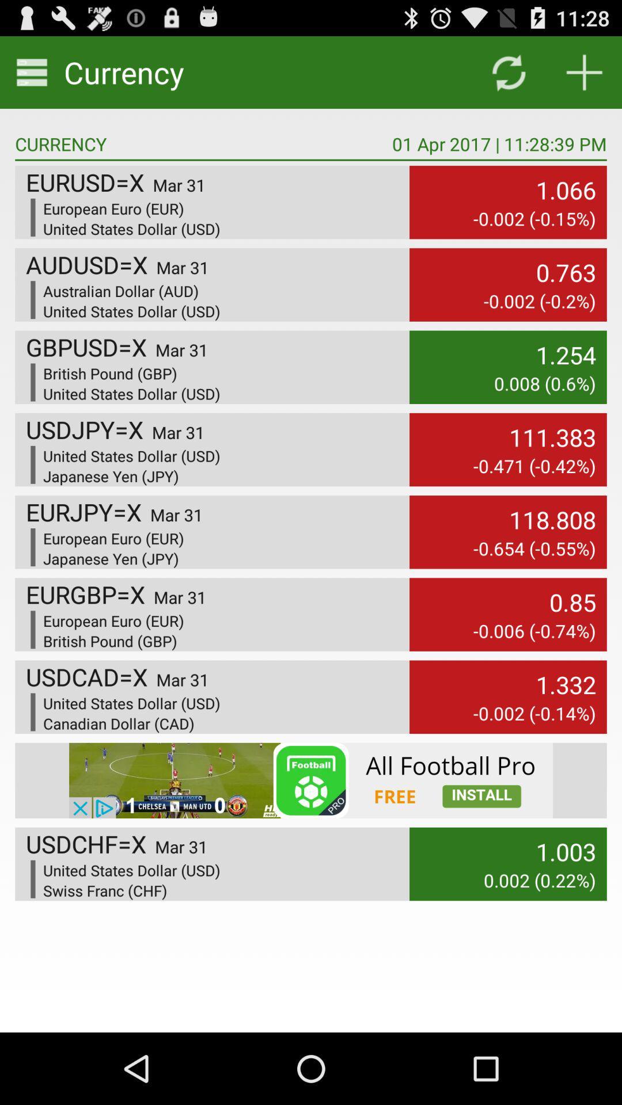 The image size is (622, 1105). What do you see at coordinates (311, 780) in the screenshot?
I see `advertisement` at bounding box center [311, 780].